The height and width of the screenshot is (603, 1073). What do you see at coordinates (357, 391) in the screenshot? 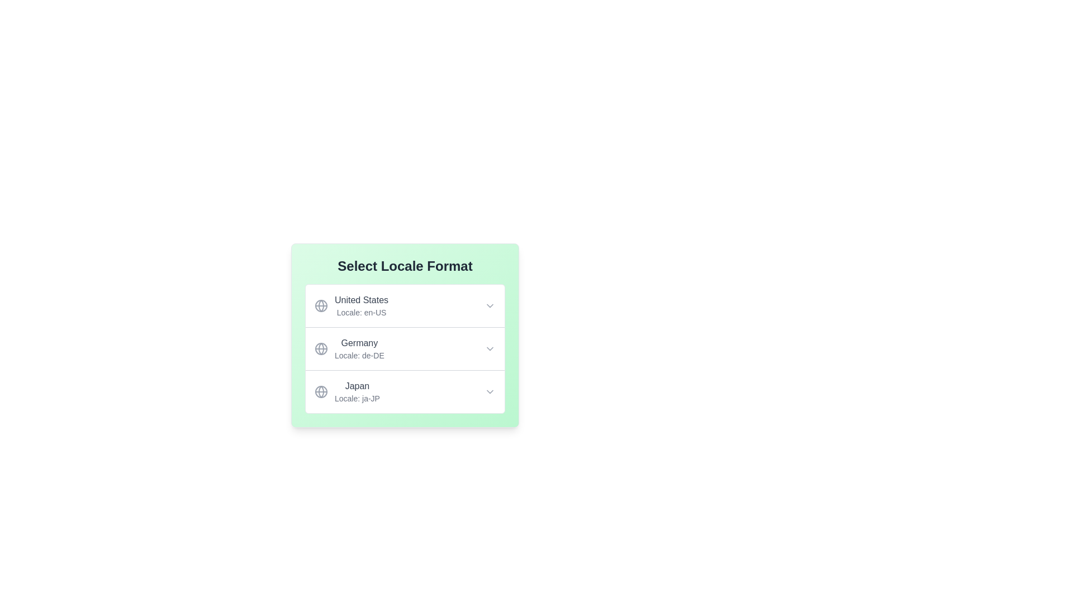
I see `the 'Japan' locale label, which is the third item in a vertical list of locale options` at bounding box center [357, 391].